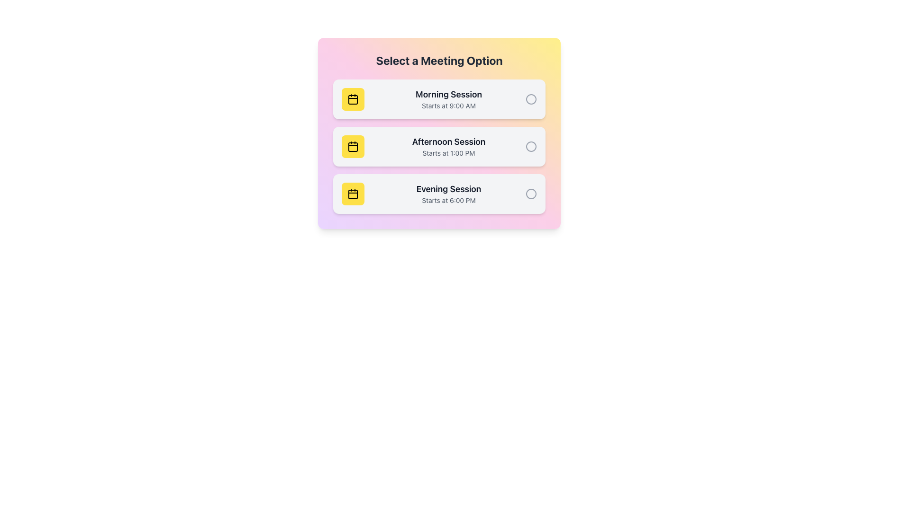 The height and width of the screenshot is (511, 910). What do you see at coordinates (531, 99) in the screenshot?
I see `the unselected radio button for the 'Morning Session' meeting option` at bounding box center [531, 99].